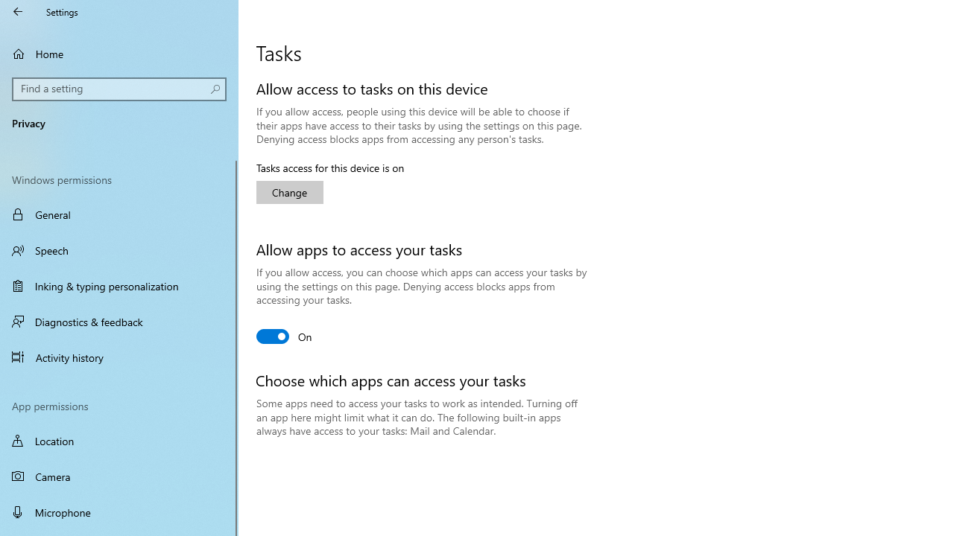 This screenshot has height=536, width=954. Describe the element at coordinates (119, 357) in the screenshot. I see `'Activity history'` at that location.